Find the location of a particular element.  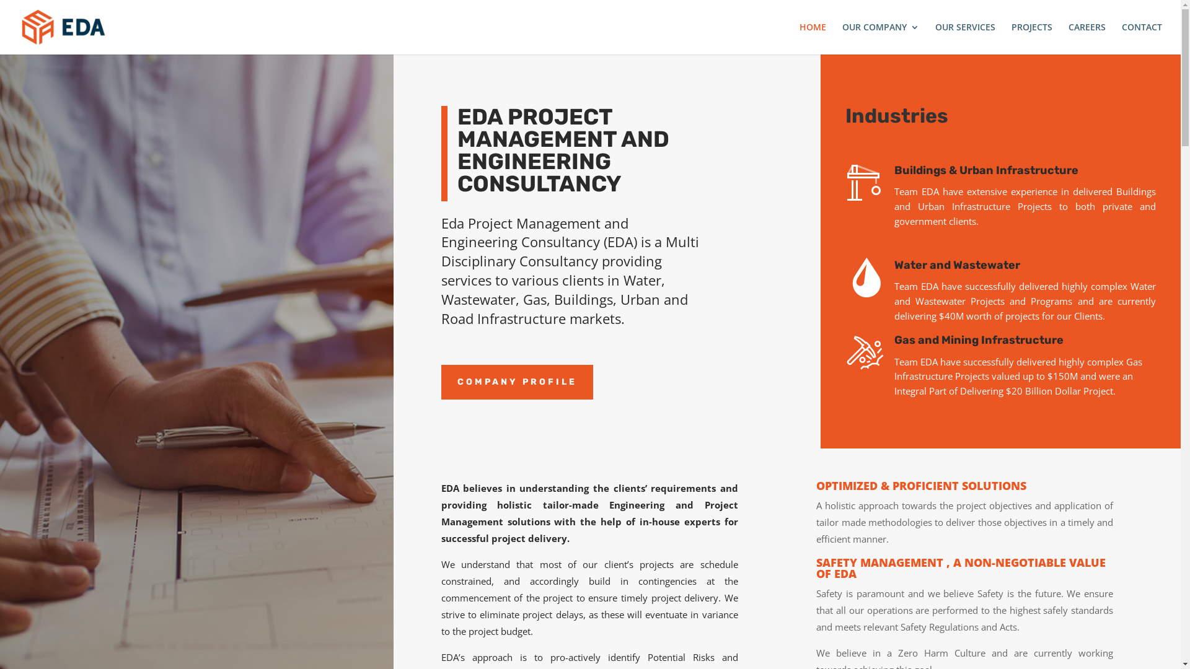

'CONTACT' is located at coordinates (1141, 38).